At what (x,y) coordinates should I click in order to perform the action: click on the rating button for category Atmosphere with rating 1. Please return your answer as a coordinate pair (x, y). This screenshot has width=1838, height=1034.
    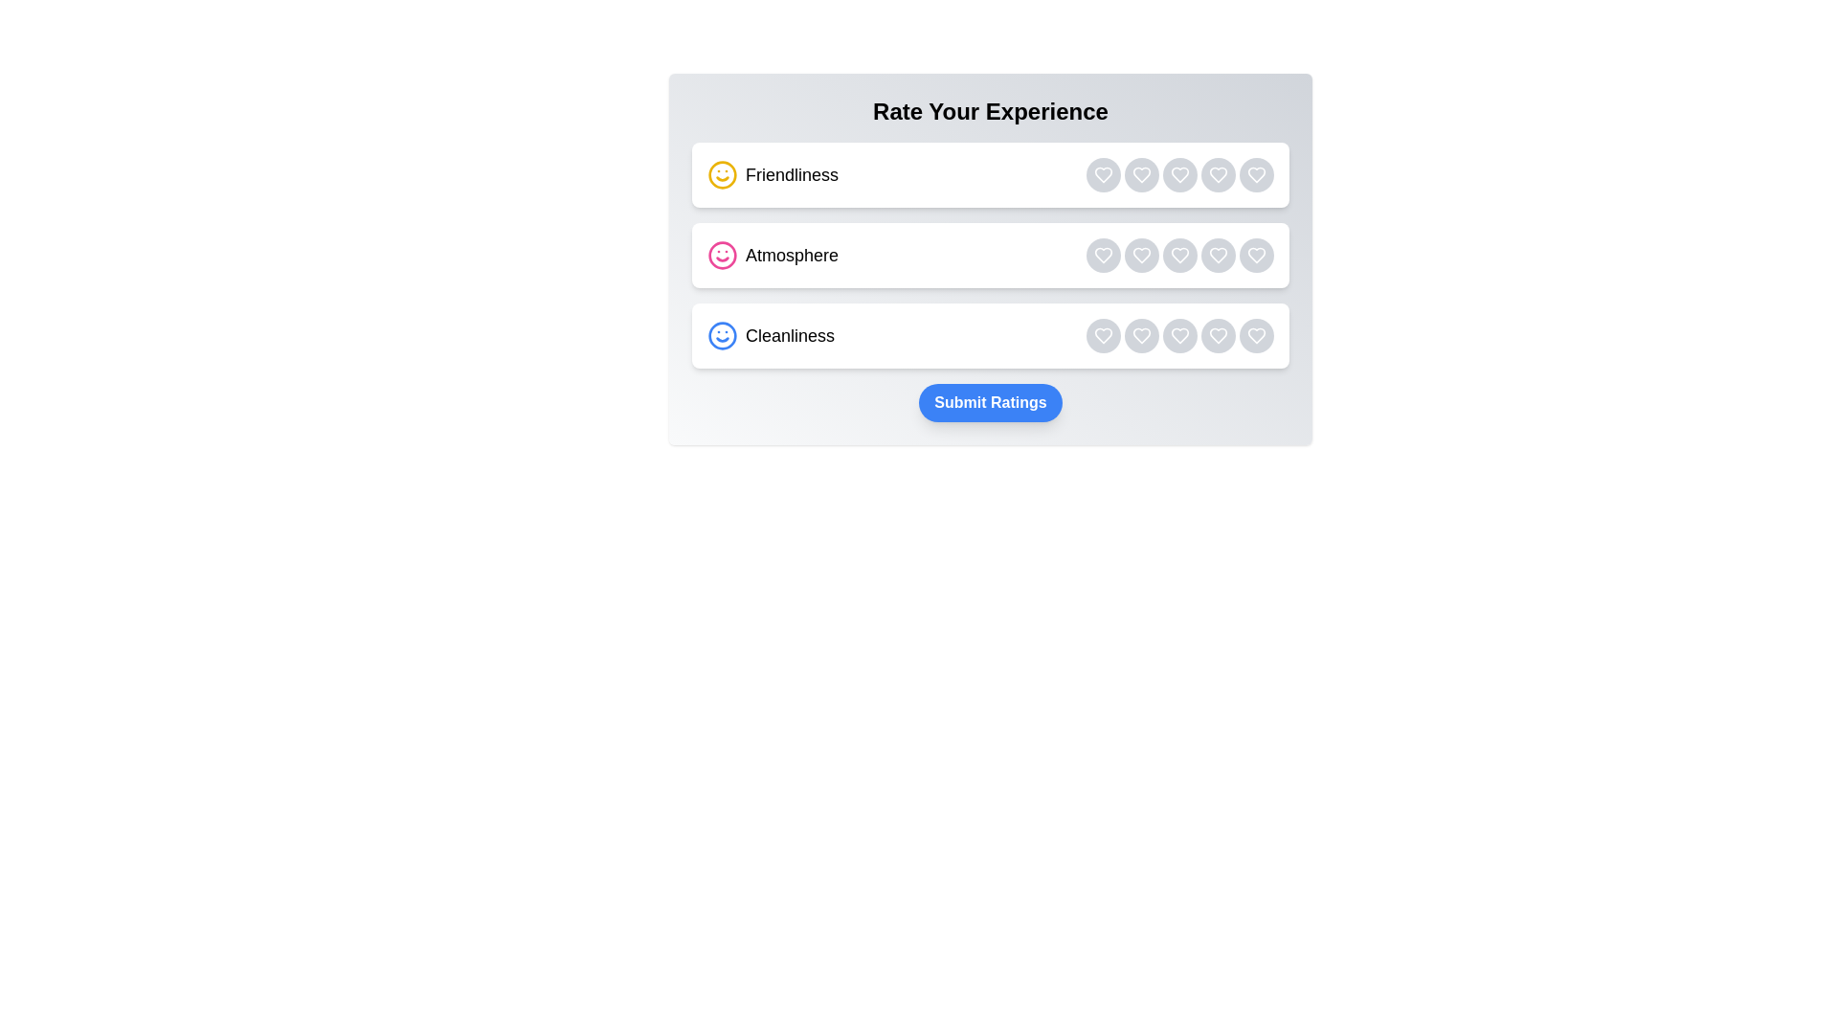
    Looking at the image, I should click on (1103, 254).